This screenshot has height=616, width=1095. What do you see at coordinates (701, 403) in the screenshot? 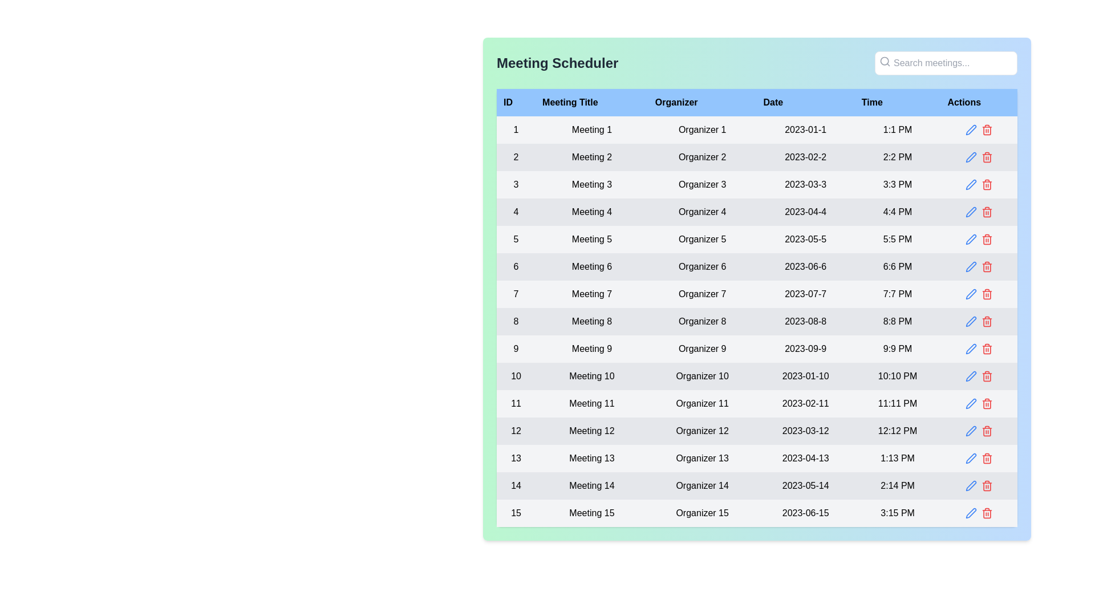
I see `the text label displaying 'Organizer 11' which is located in the 11th row under the 'Organizer' column` at bounding box center [701, 403].